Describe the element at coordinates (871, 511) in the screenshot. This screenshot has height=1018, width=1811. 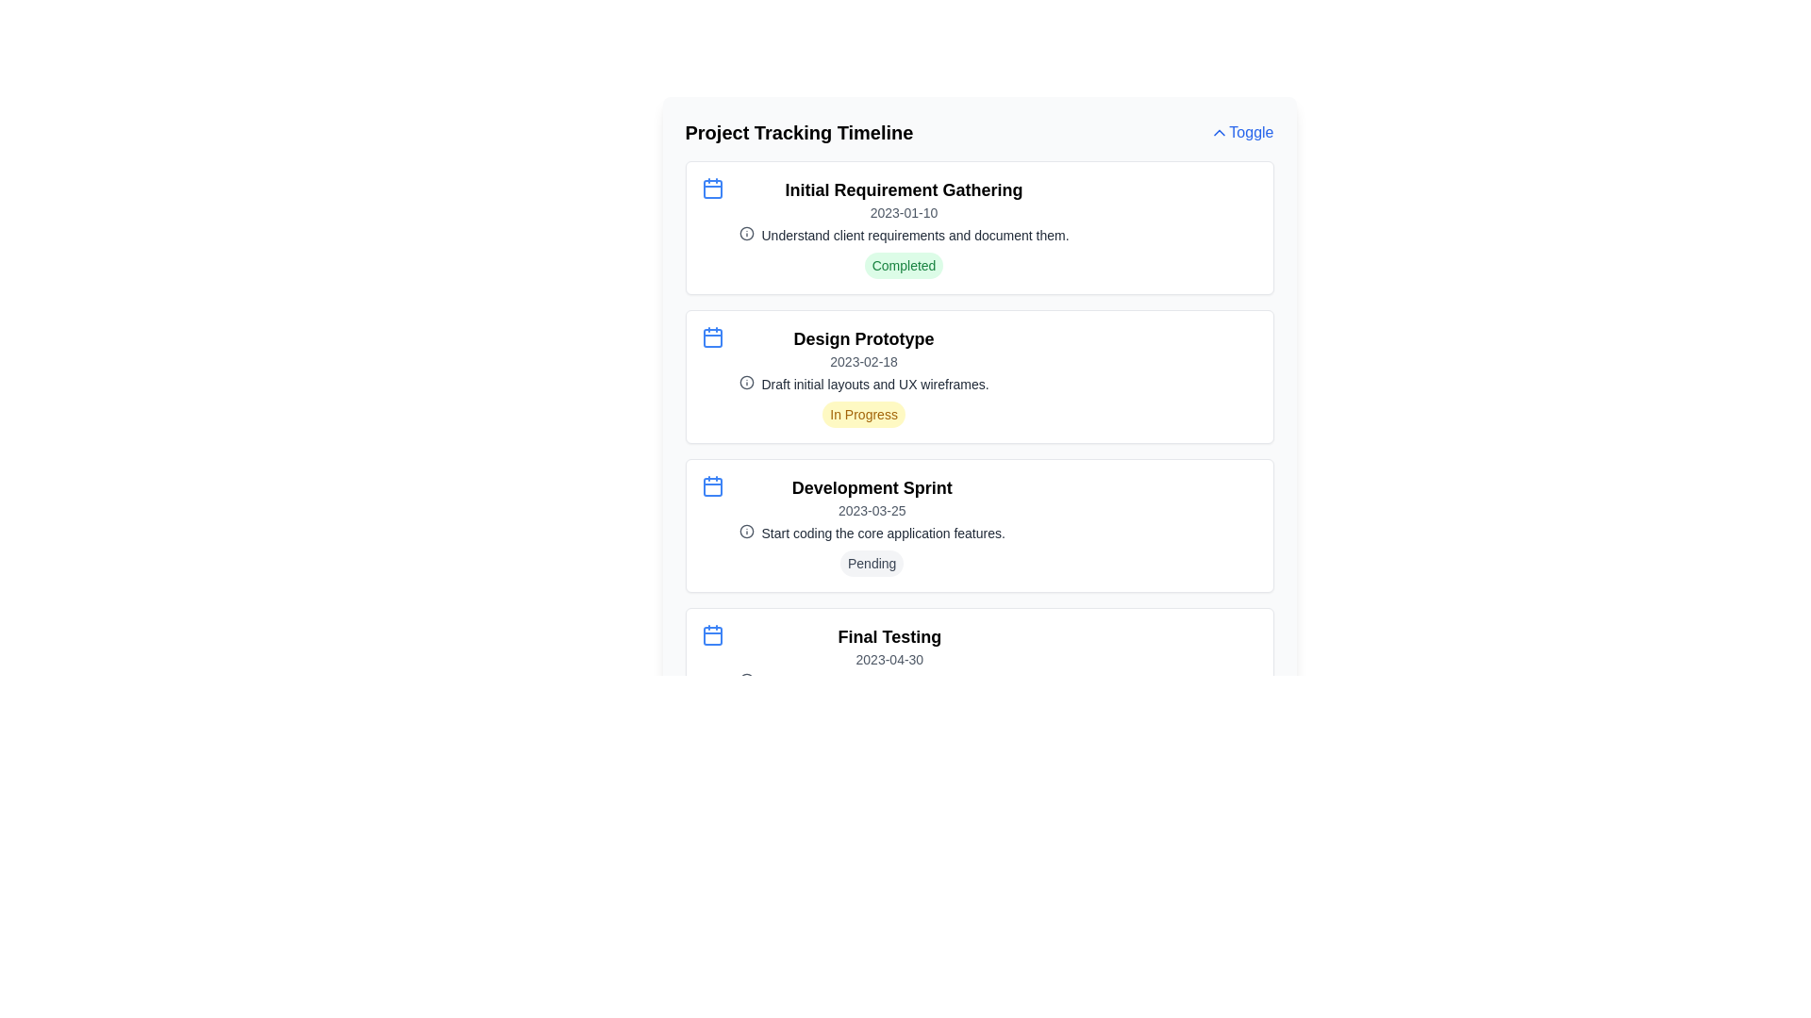
I see `the text content of the date label displaying '2023-03-25', which is styled in gray and positioned beneath the title 'Development Sprint'` at that location.